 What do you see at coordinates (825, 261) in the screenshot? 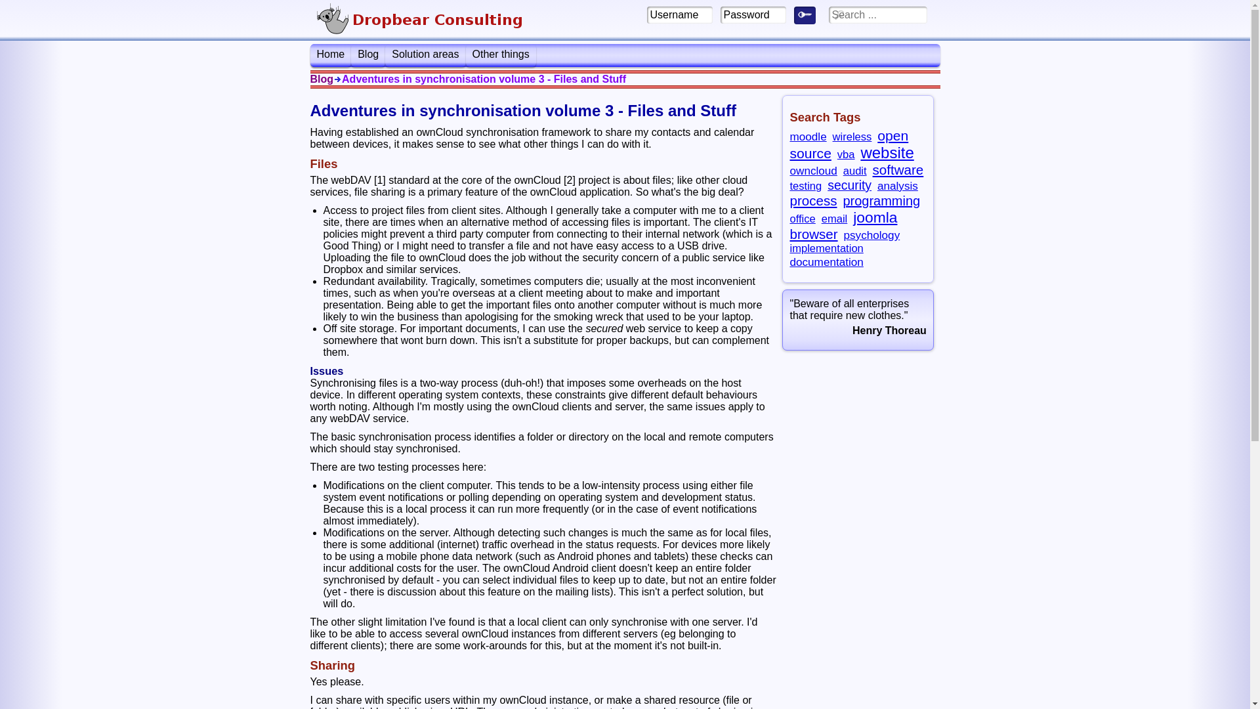
I see `'documentation'` at bounding box center [825, 261].